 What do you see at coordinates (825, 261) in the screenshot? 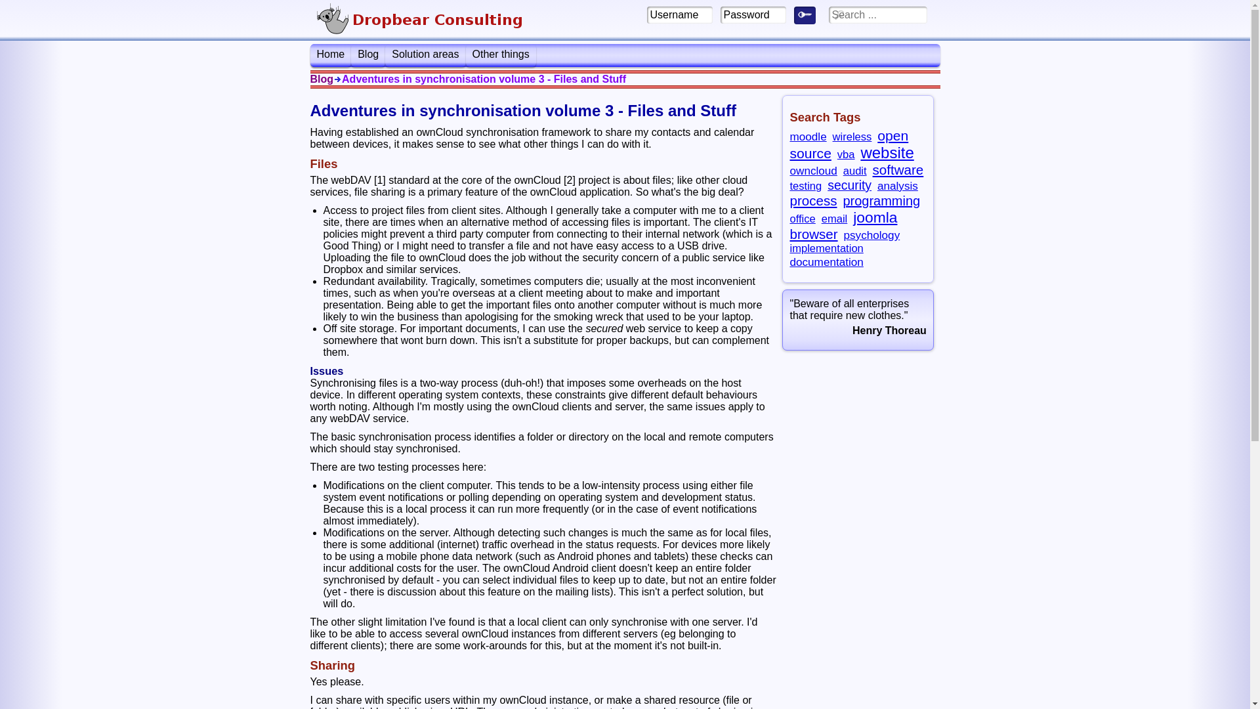
I see `'documentation'` at bounding box center [825, 261].